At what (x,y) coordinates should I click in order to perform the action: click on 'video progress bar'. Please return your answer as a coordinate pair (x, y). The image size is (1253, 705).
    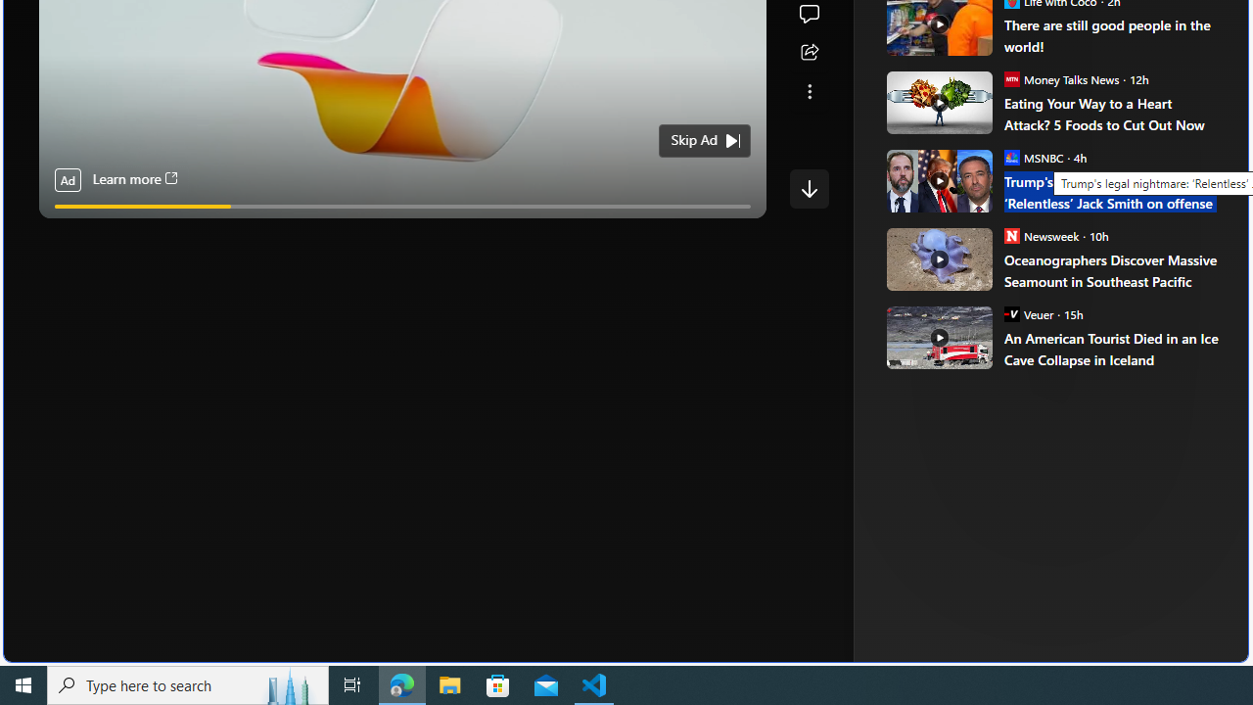
    Looking at the image, I should click on (401, 207).